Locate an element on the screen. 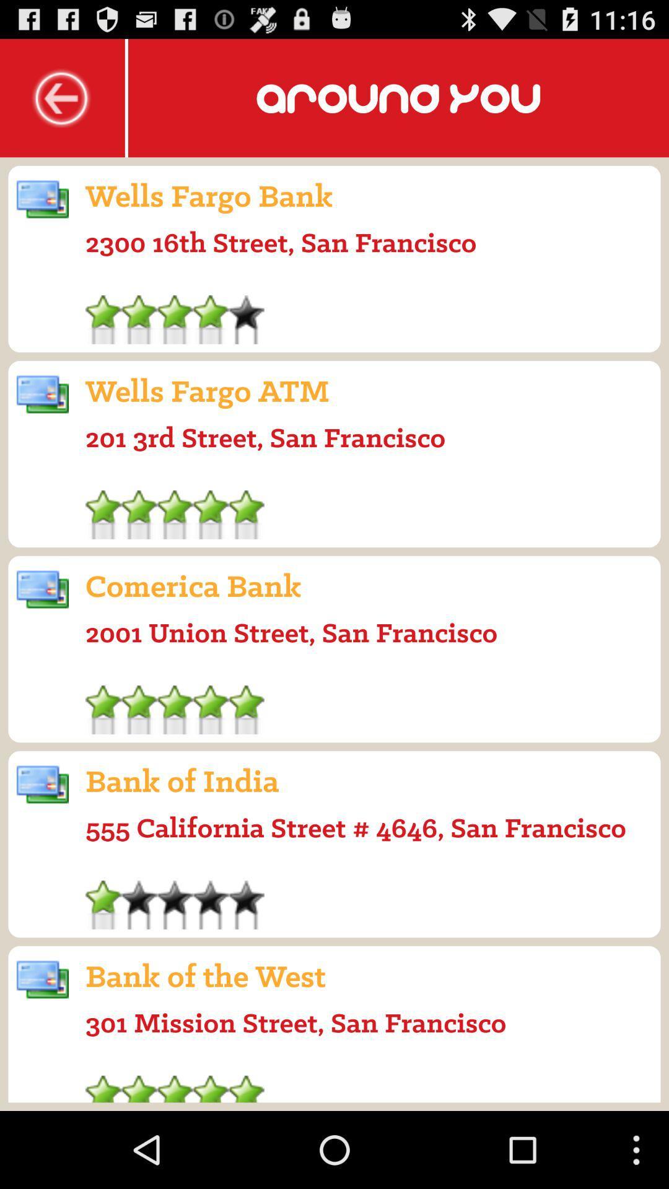 The height and width of the screenshot is (1189, 669). the 2nd image on the web page is located at coordinates (42, 394).